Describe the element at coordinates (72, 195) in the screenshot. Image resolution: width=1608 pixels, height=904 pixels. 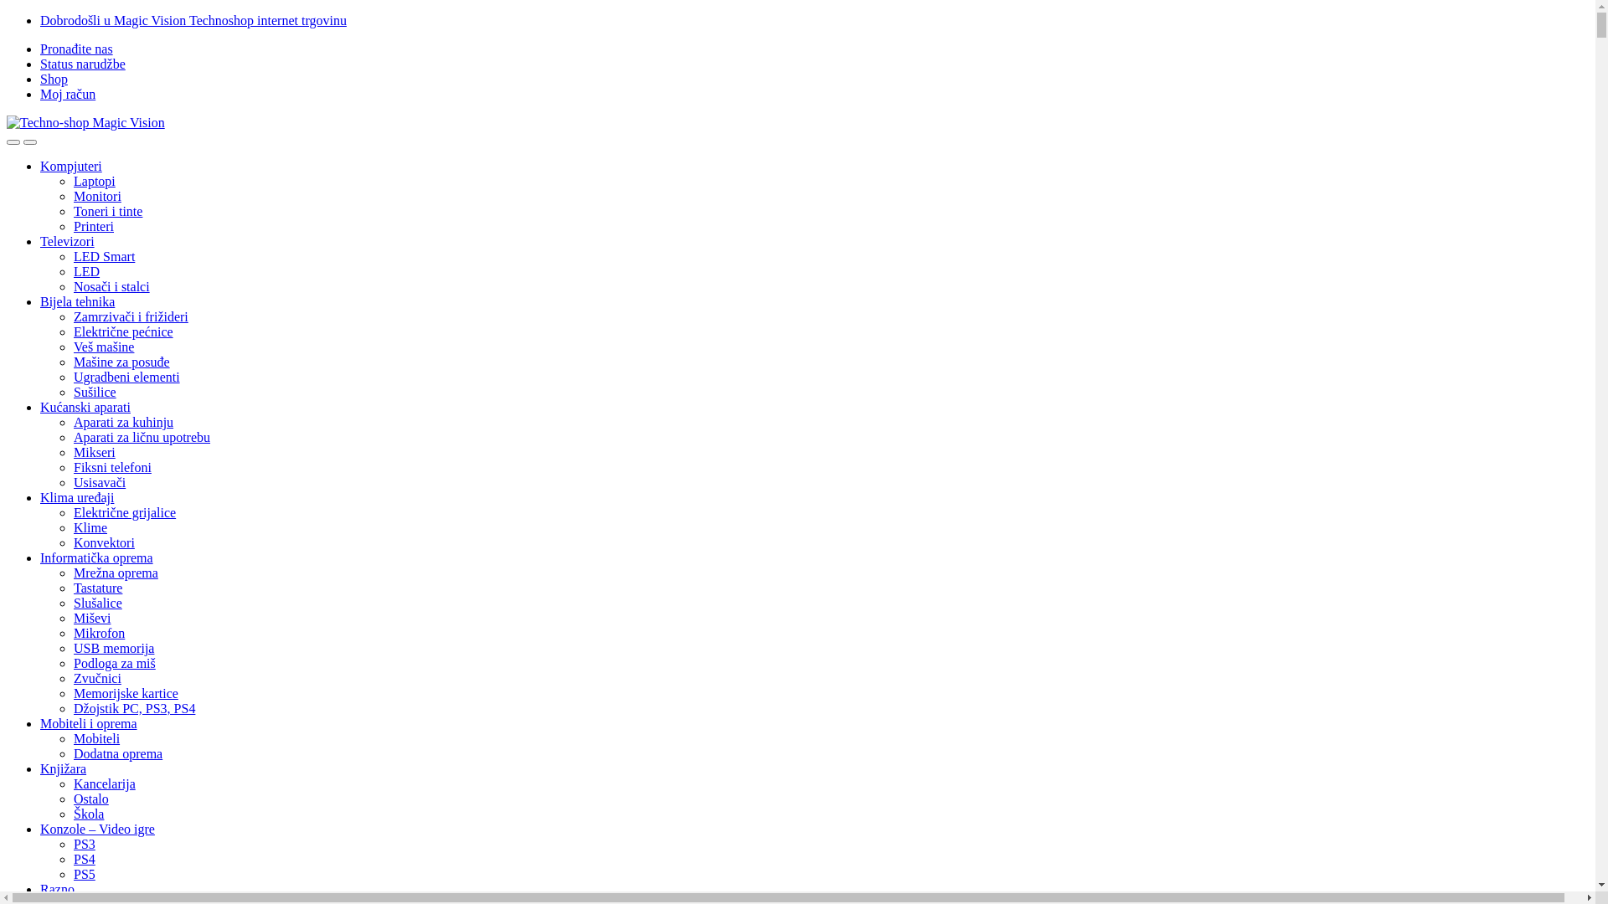
I see `'Monitori'` at that location.